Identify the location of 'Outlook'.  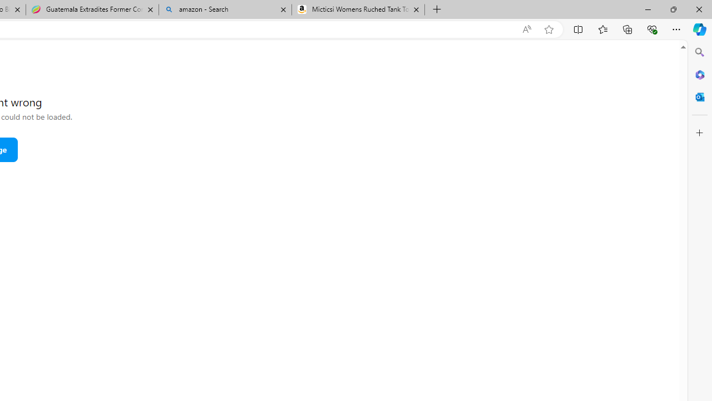
(699, 96).